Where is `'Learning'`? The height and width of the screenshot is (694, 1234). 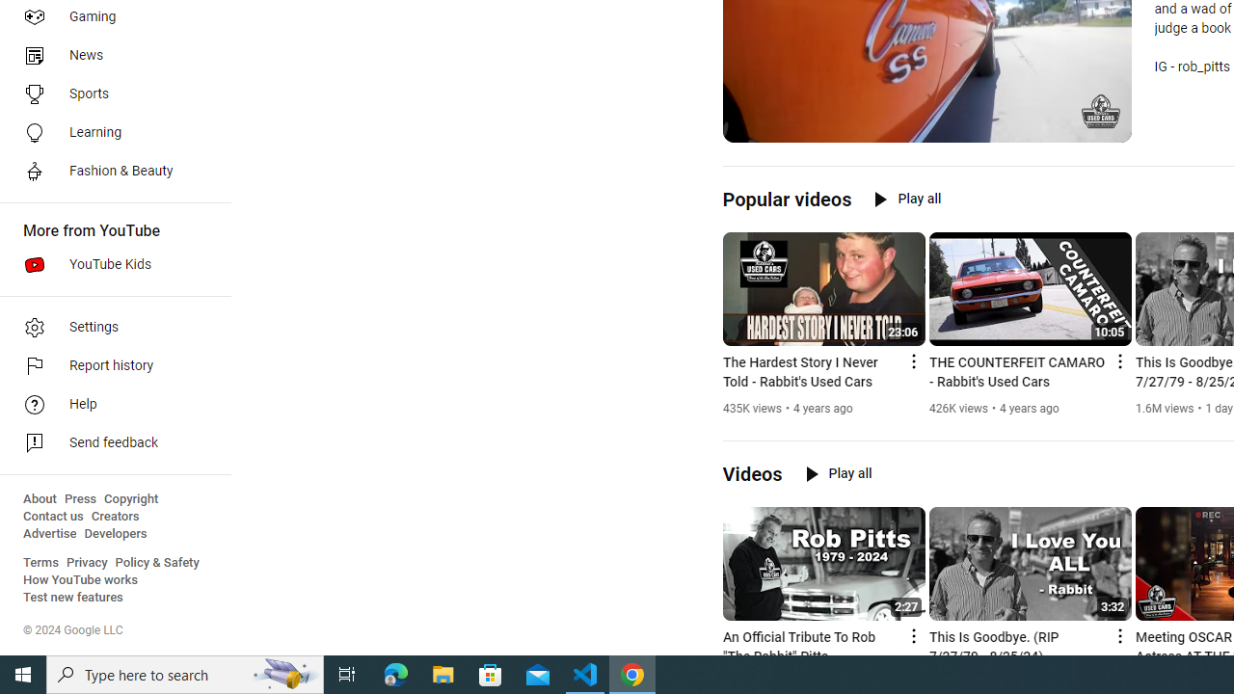 'Learning' is located at coordinates (108, 131).